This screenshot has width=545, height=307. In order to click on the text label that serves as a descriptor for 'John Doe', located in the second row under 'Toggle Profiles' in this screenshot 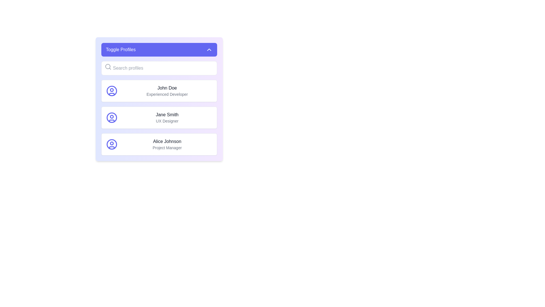, I will do `click(167, 94)`.